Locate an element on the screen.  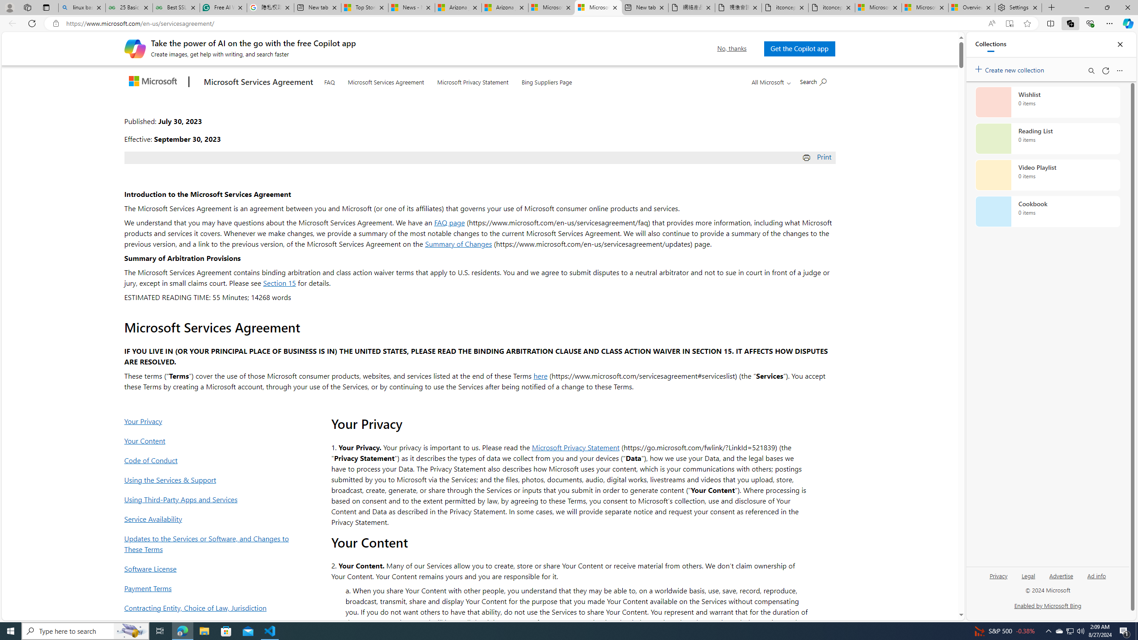
'Your Privacy' is located at coordinates (209, 420).